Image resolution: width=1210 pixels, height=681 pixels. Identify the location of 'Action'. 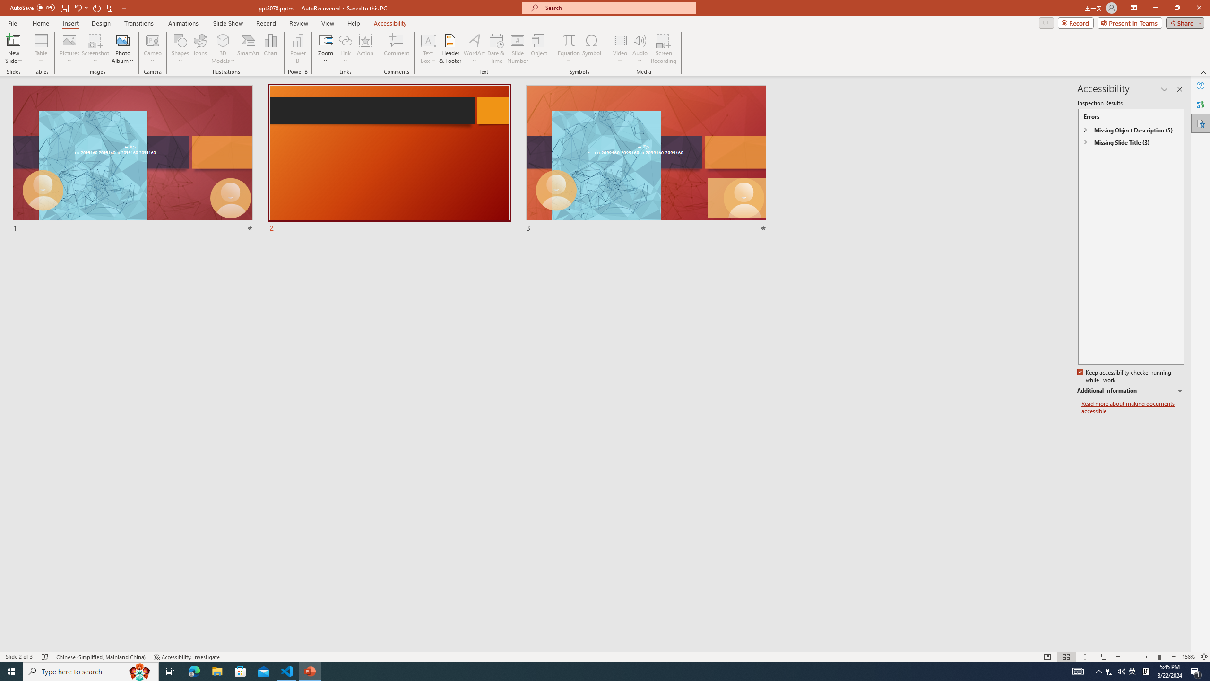
(365, 49).